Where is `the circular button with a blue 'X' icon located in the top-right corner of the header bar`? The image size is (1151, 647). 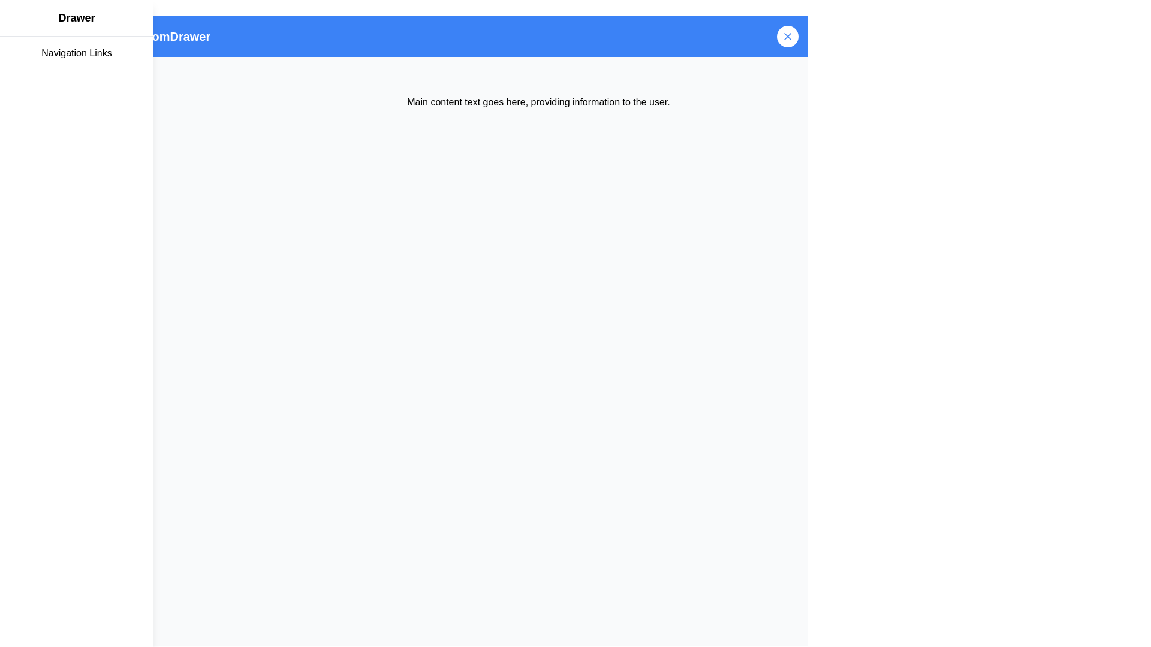
the circular button with a blue 'X' icon located in the top-right corner of the header bar is located at coordinates (788, 36).